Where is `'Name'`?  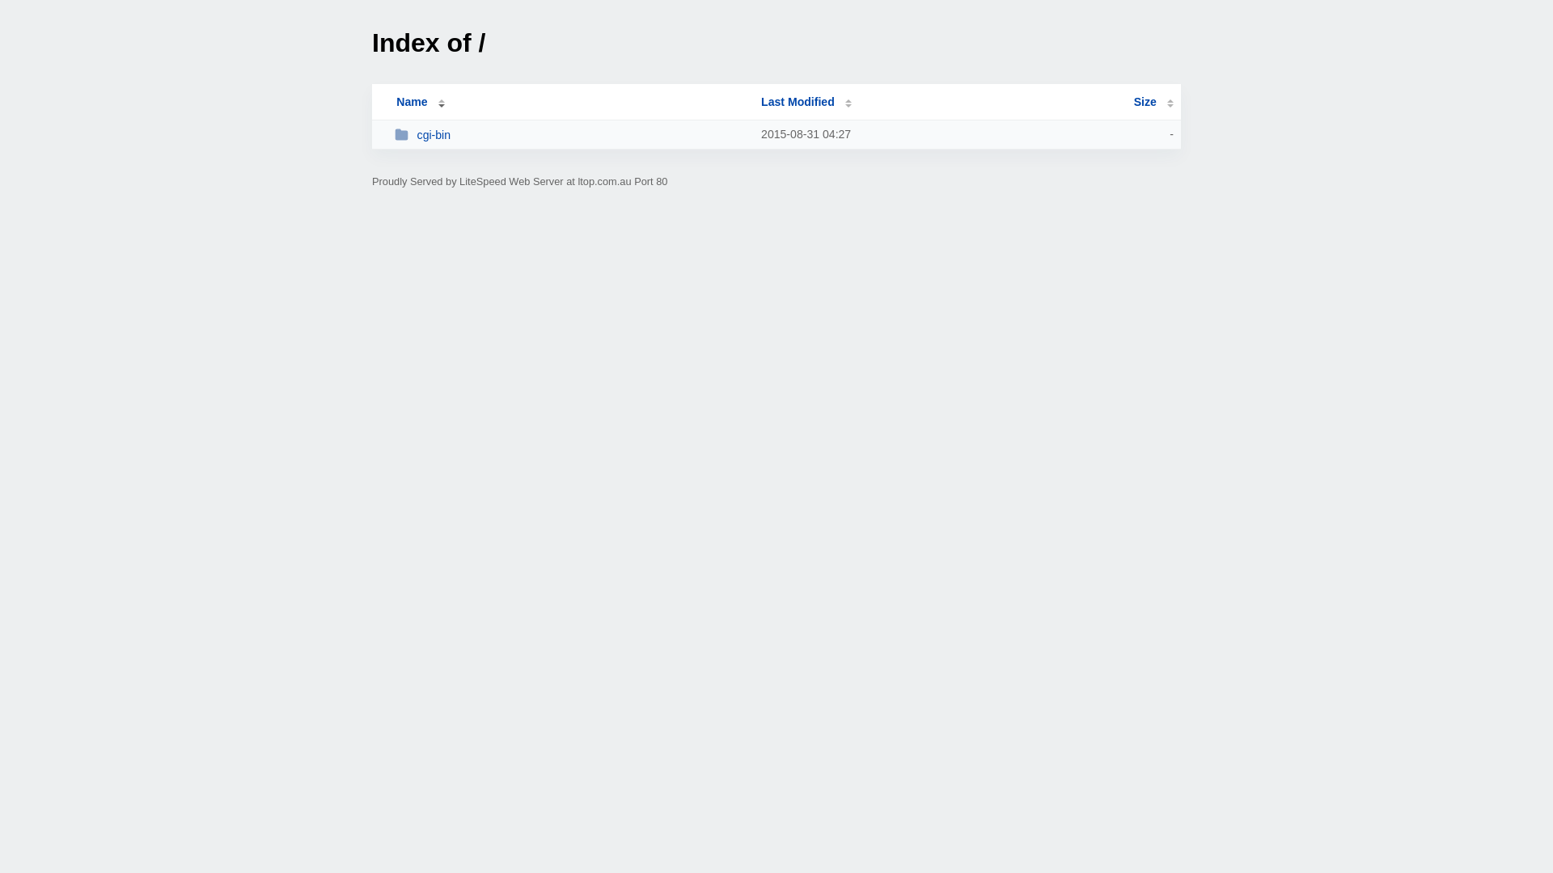 'Name' is located at coordinates (379, 102).